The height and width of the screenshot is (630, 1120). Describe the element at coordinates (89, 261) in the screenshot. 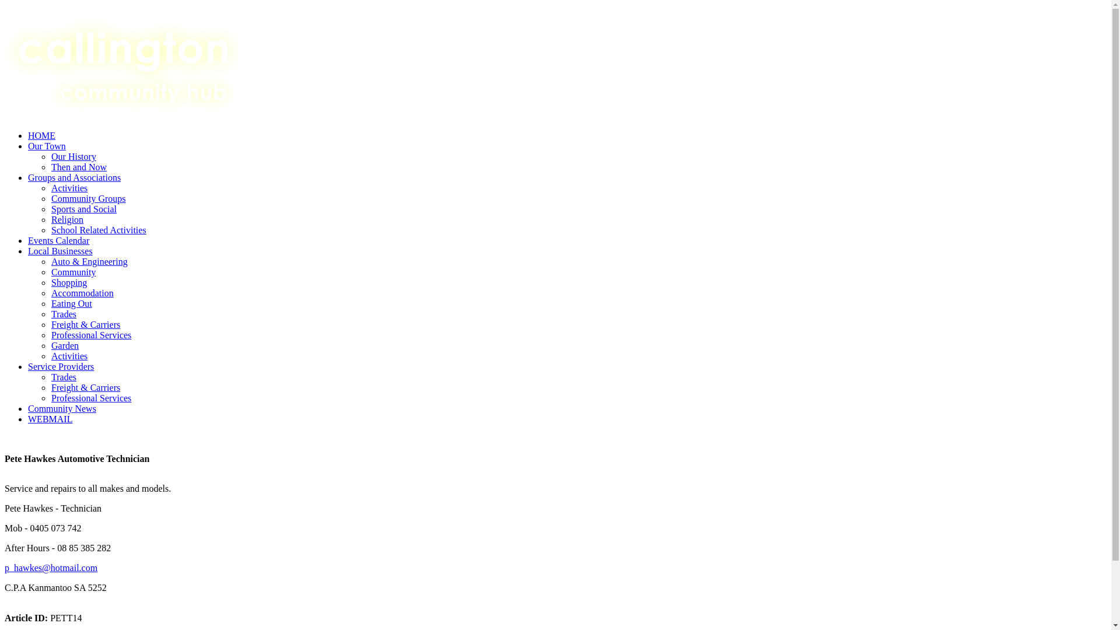

I see `'Auto & Engineering'` at that location.